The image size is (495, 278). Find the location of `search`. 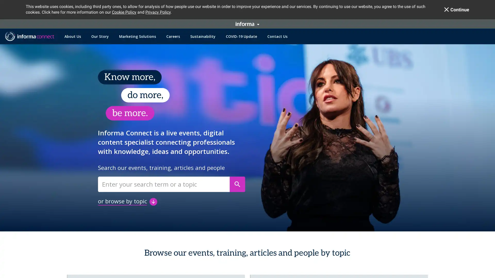

search is located at coordinates (237, 184).